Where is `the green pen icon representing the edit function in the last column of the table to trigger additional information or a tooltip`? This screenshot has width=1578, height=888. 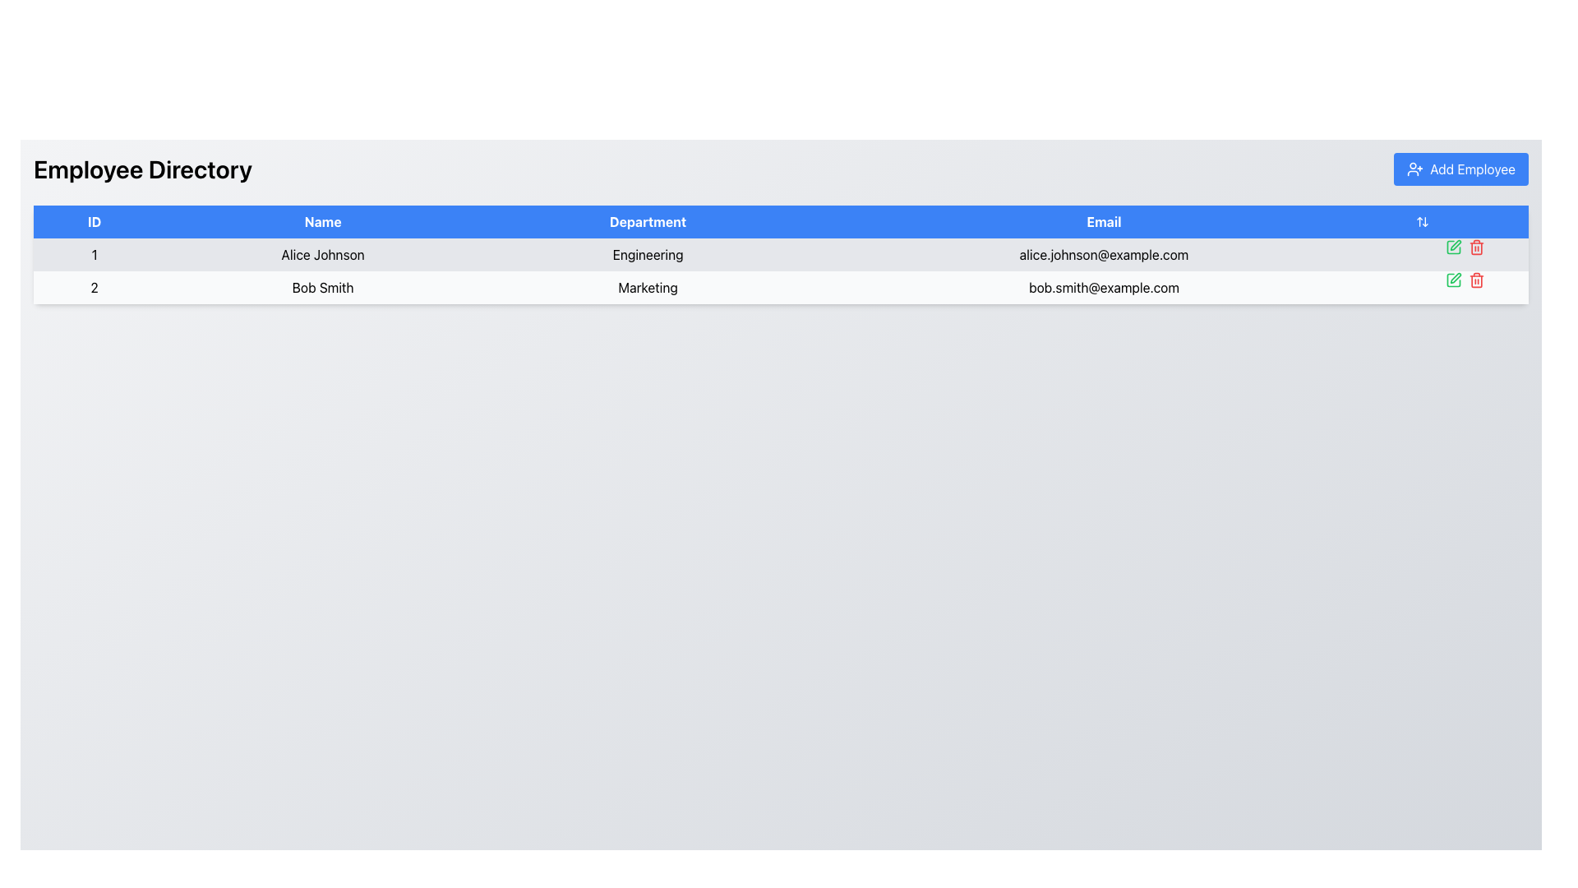 the green pen icon representing the edit function in the last column of the table to trigger additional information or a tooltip is located at coordinates (1454, 279).